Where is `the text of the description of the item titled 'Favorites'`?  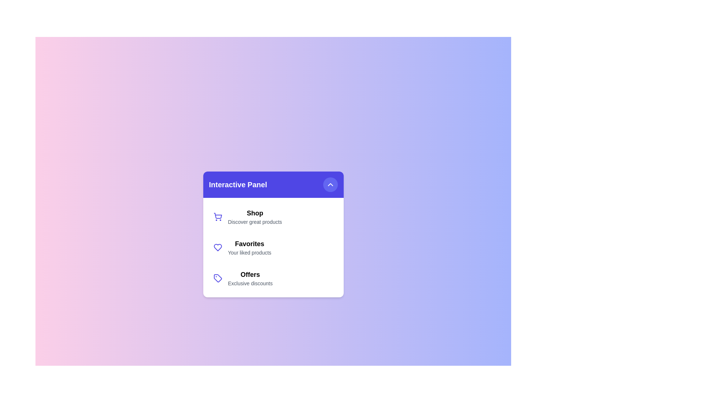 the text of the description of the item titled 'Favorites' is located at coordinates (249, 252).